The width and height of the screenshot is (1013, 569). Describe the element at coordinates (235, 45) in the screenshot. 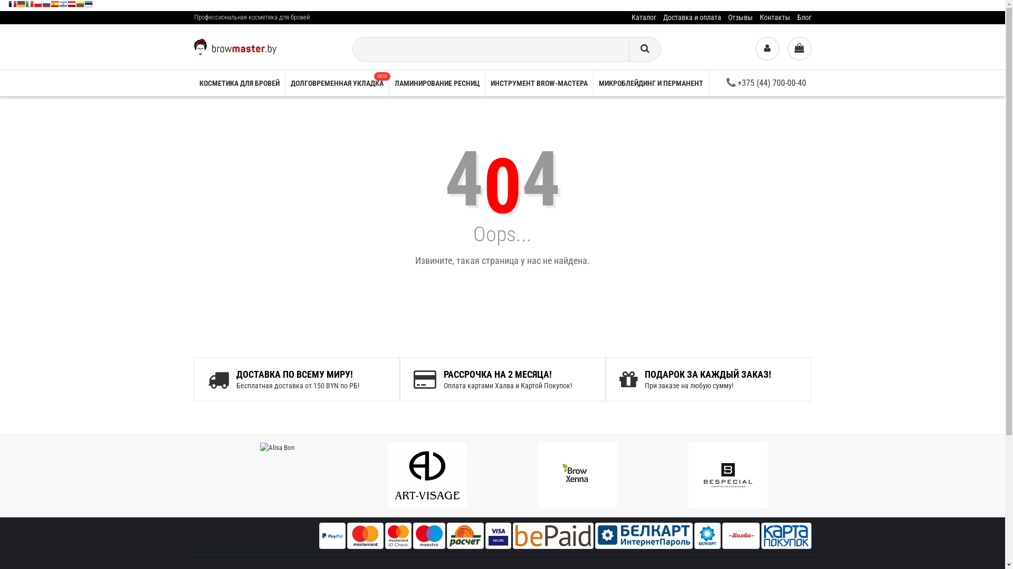

I see `'Browmaster'` at that location.